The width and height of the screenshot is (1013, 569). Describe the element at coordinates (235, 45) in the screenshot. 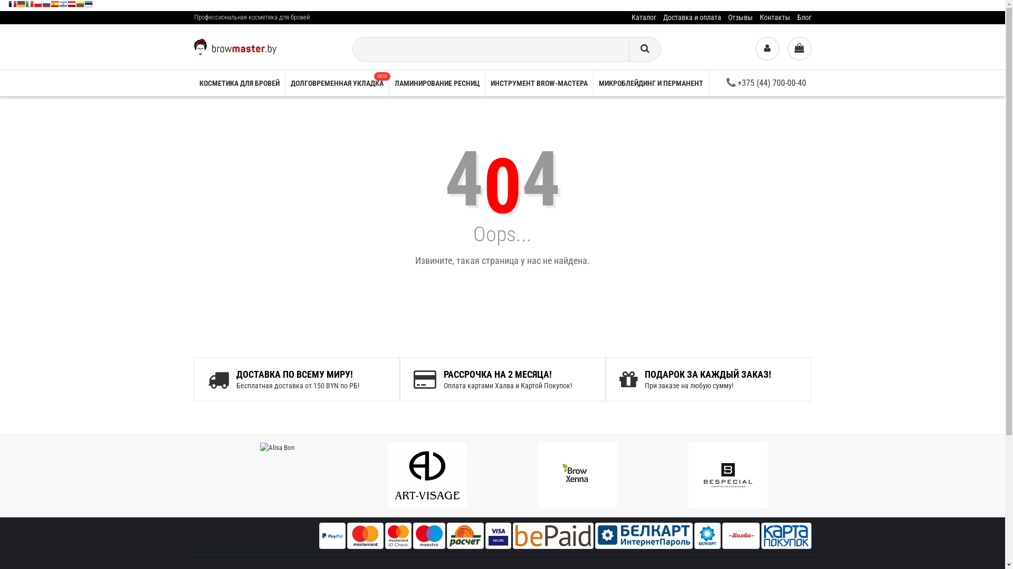

I see `'Browmaster'` at that location.